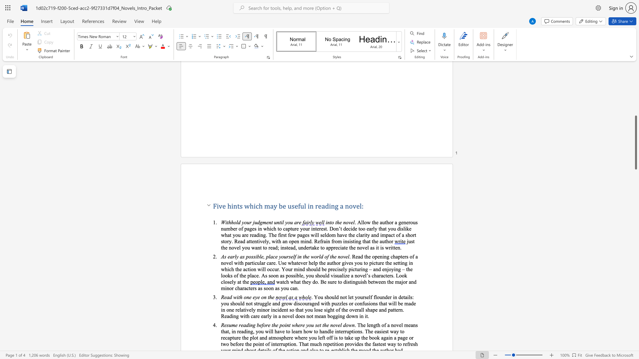  I want to click on the 1th character "o" in the text, so click(235, 222).